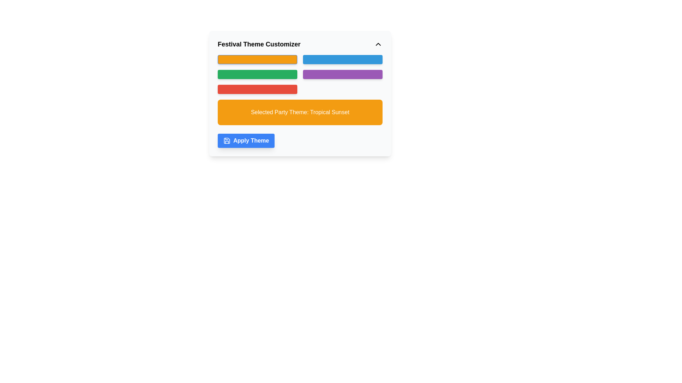 The height and width of the screenshot is (383, 682). Describe the element at coordinates (257, 74) in the screenshot. I see `the 'Forest Whisper' button` at that location.